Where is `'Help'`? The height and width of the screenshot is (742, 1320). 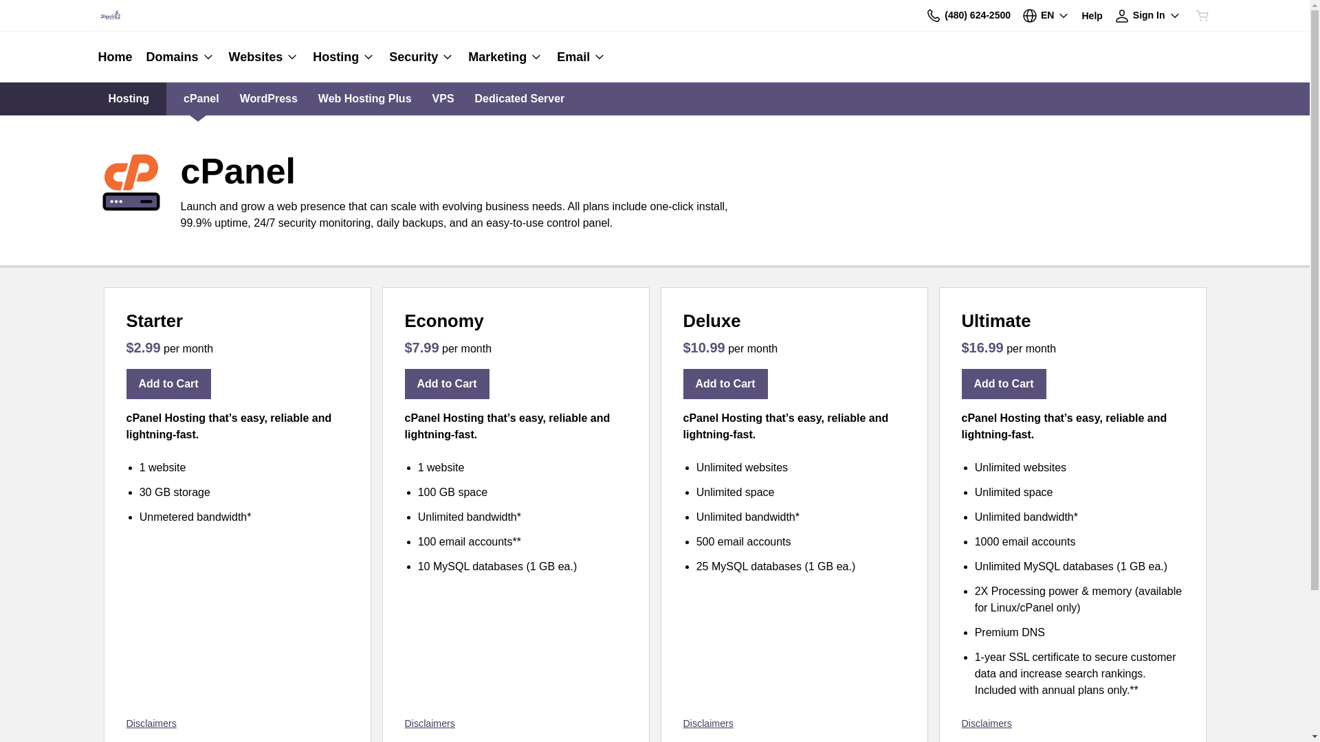
'Help' is located at coordinates (1091, 15).